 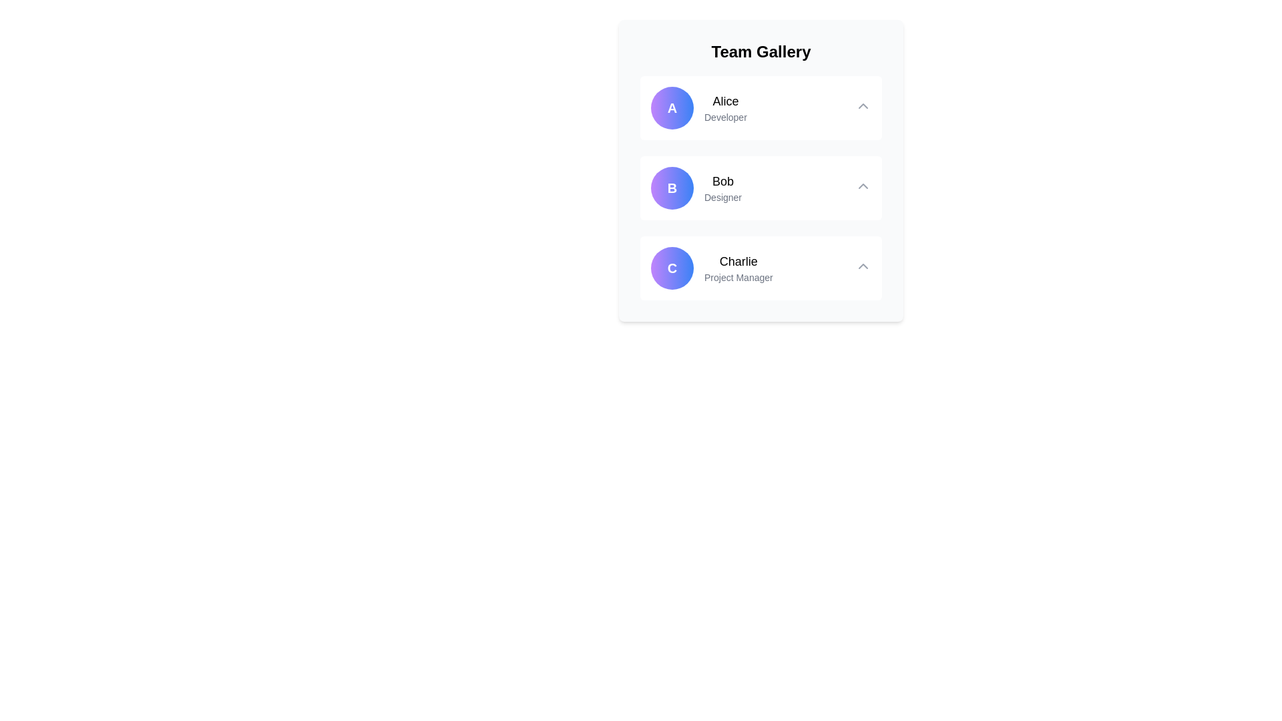 I want to click on text displayed in the Text Label that shows 'AliceDeveloper', which consists of 'Alice' in bold and 'Developer' in gray, located to the right of the circular avatar labeled 'A' within the 'Team Gallery' card, so click(x=724, y=107).